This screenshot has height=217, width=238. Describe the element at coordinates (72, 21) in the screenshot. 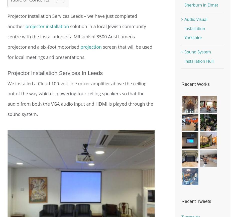

I see `'Projector Installation Services Leeds – we have just completed another'` at that location.